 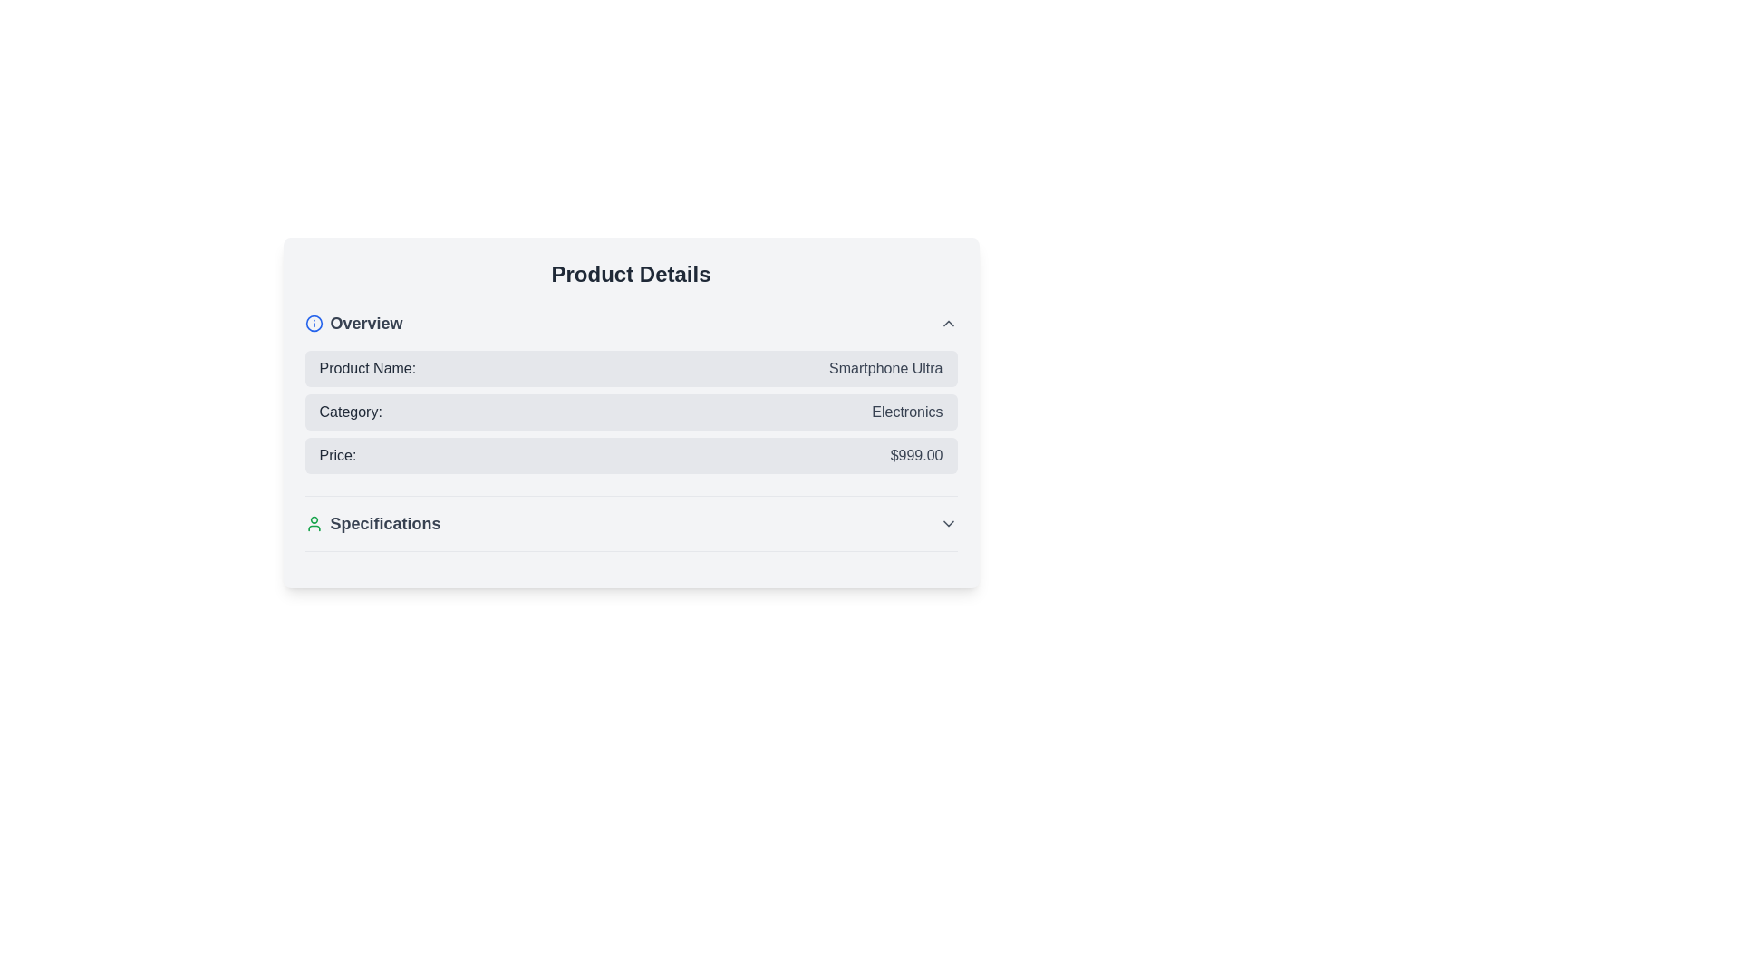 I want to click on the product name displayed in the first row of the 'Product Details' section, located above the 'Category' and 'Price' rows, so click(x=631, y=368).